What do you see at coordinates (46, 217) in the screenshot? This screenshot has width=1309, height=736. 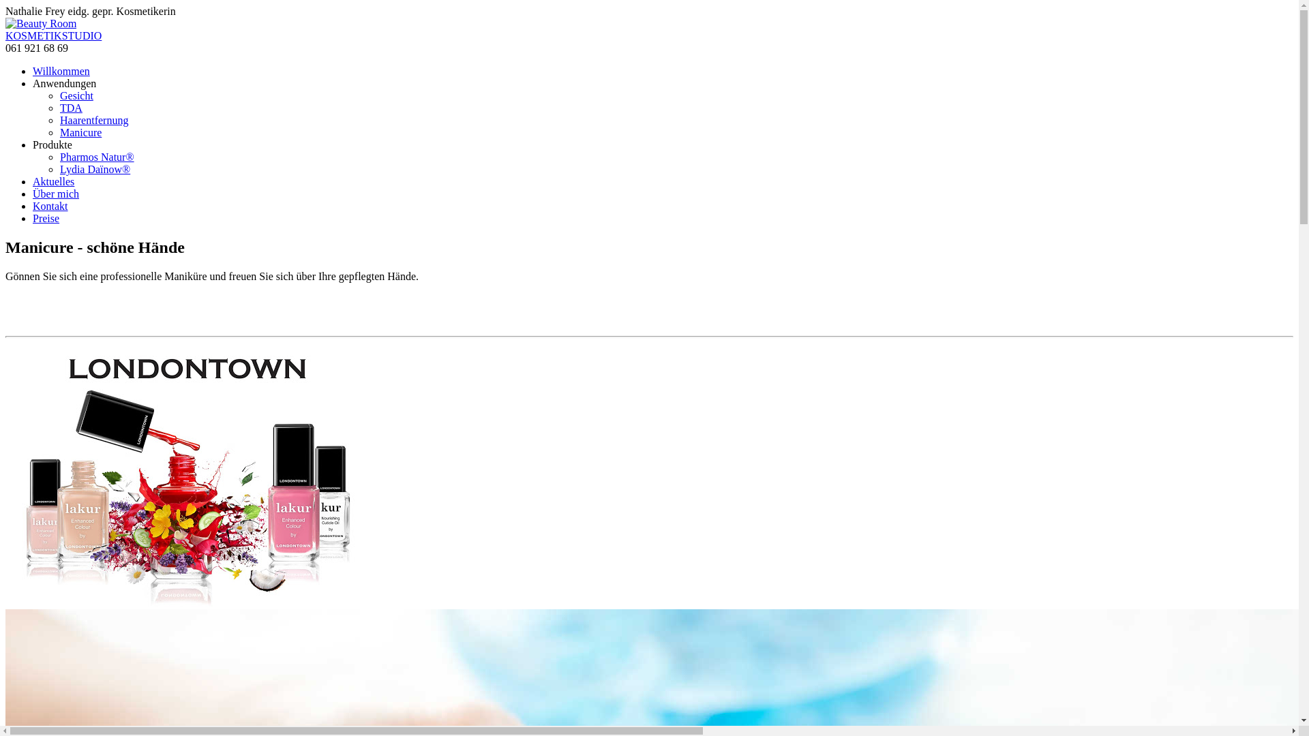 I see `'Preise'` at bounding box center [46, 217].